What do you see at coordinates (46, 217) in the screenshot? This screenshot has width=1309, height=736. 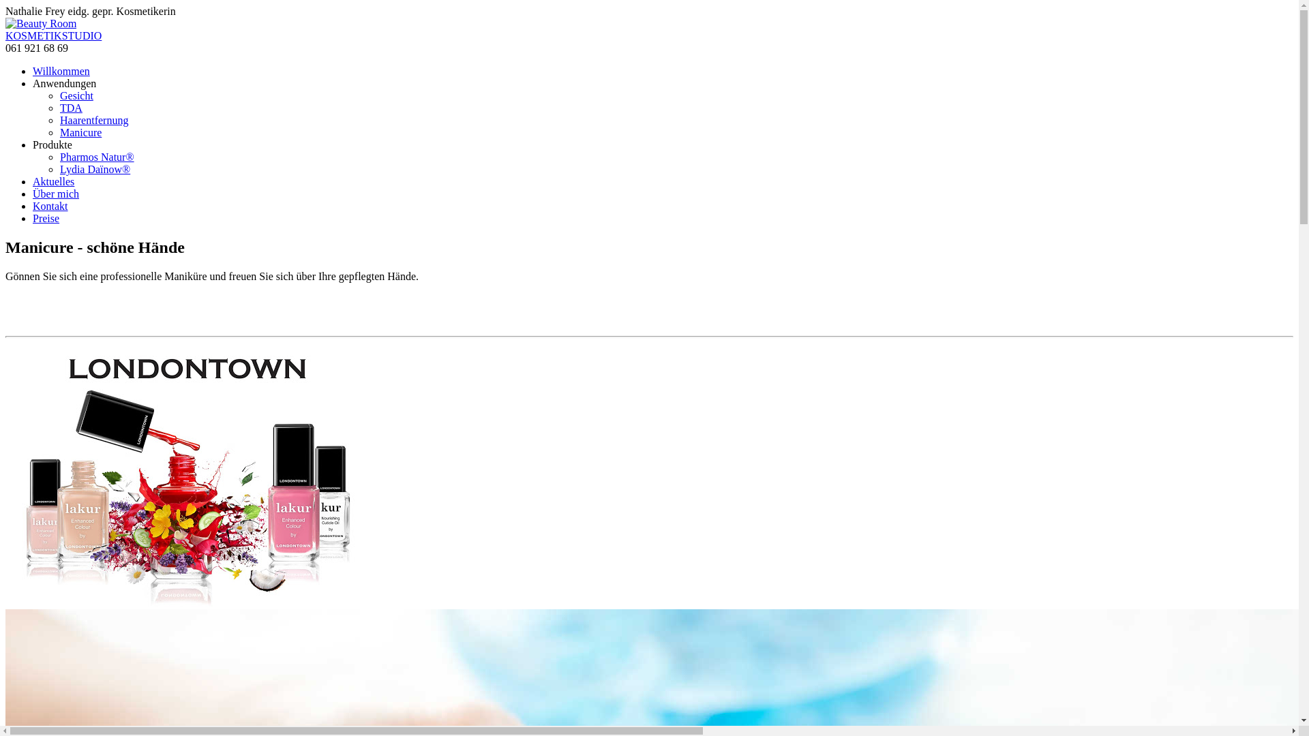 I see `'Preise'` at bounding box center [46, 217].